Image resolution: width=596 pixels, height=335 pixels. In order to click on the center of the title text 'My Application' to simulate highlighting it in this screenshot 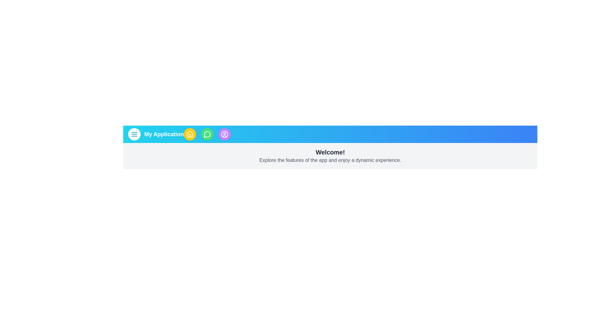, I will do `click(164, 134)`.